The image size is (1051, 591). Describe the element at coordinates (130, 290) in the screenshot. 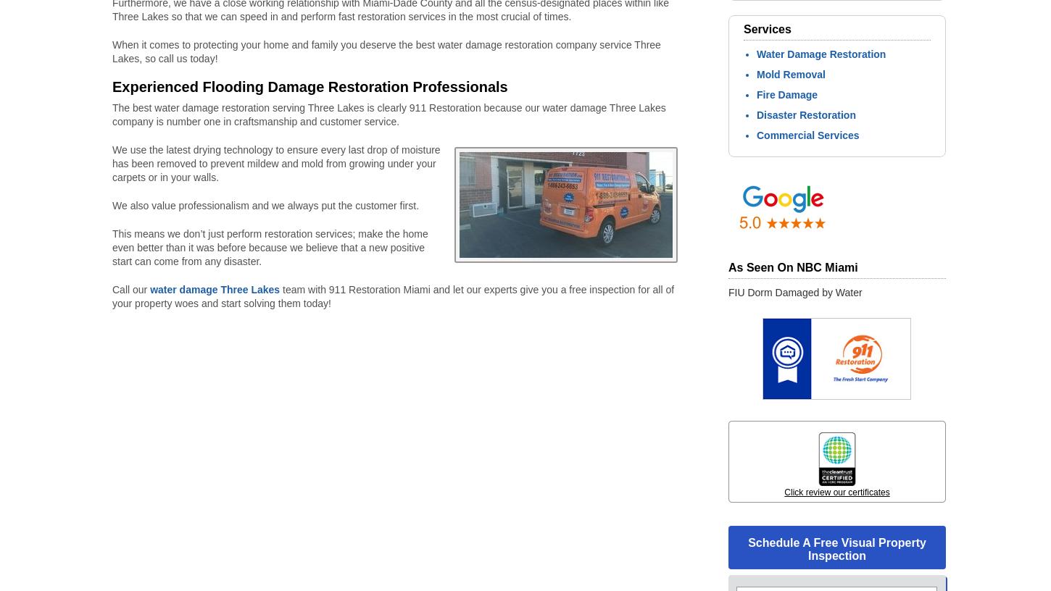

I see `'Call our'` at that location.